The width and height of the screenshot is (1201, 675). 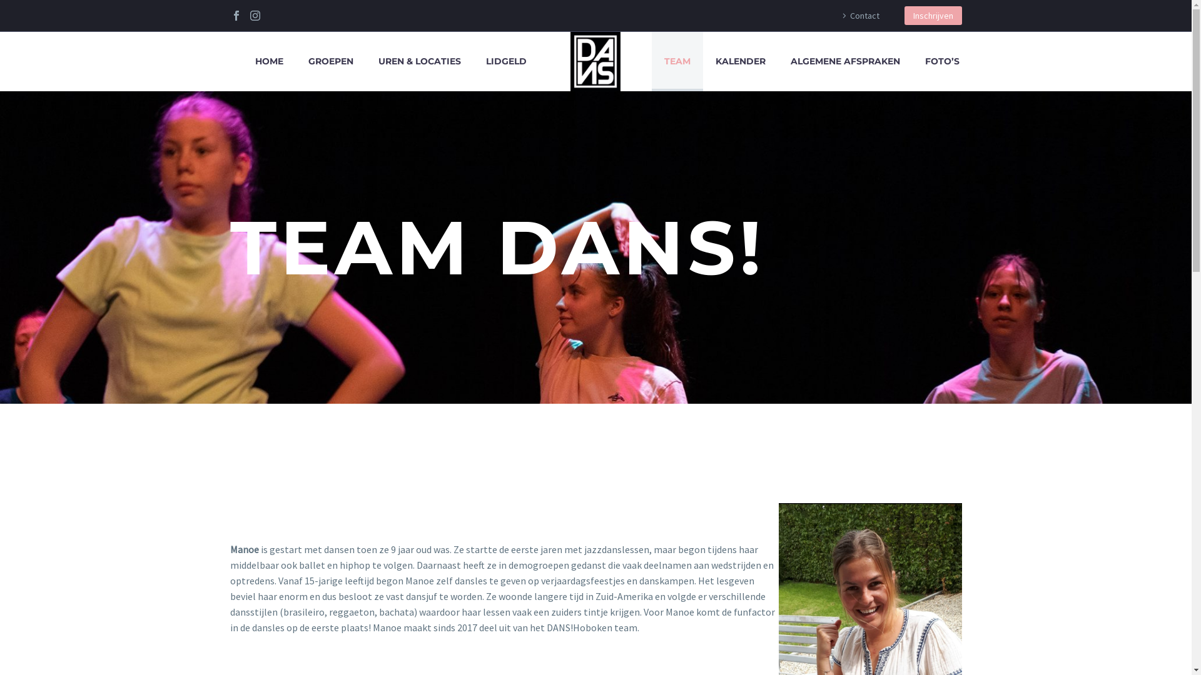 I want to click on 'GROEPEN', so click(x=330, y=61).